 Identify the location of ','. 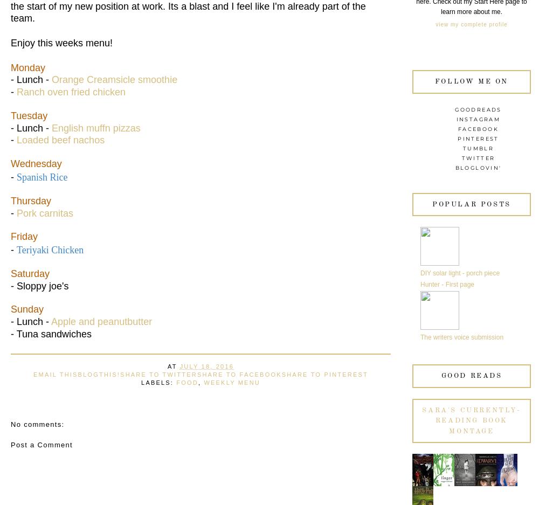
(200, 382).